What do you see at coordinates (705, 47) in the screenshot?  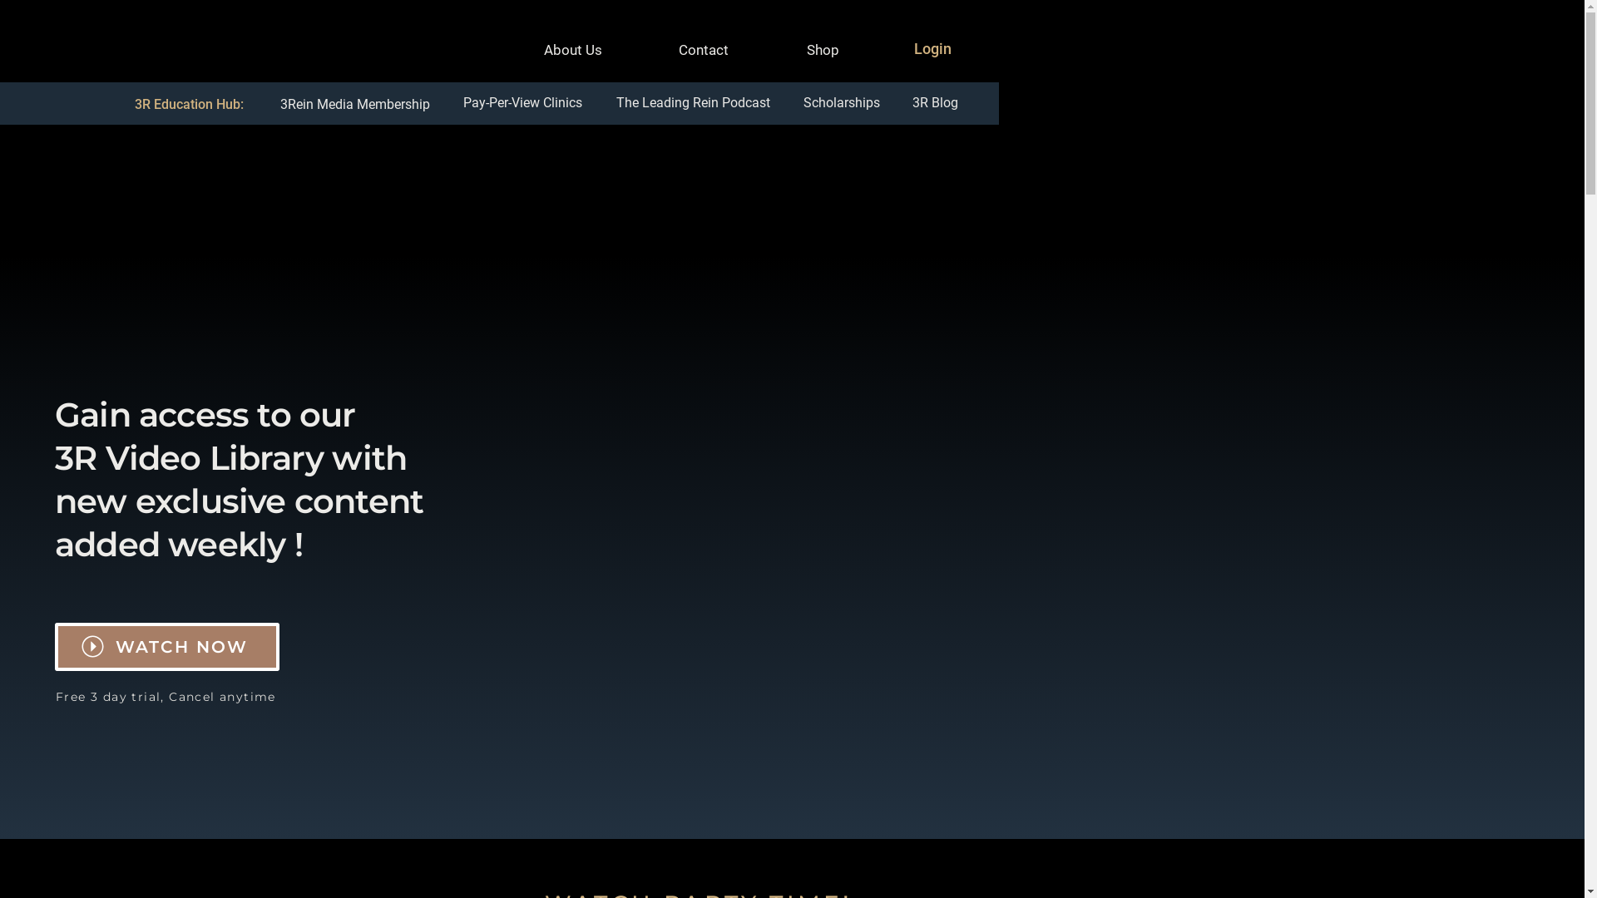 I see `'Contact'` at bounding box center [705, 47].